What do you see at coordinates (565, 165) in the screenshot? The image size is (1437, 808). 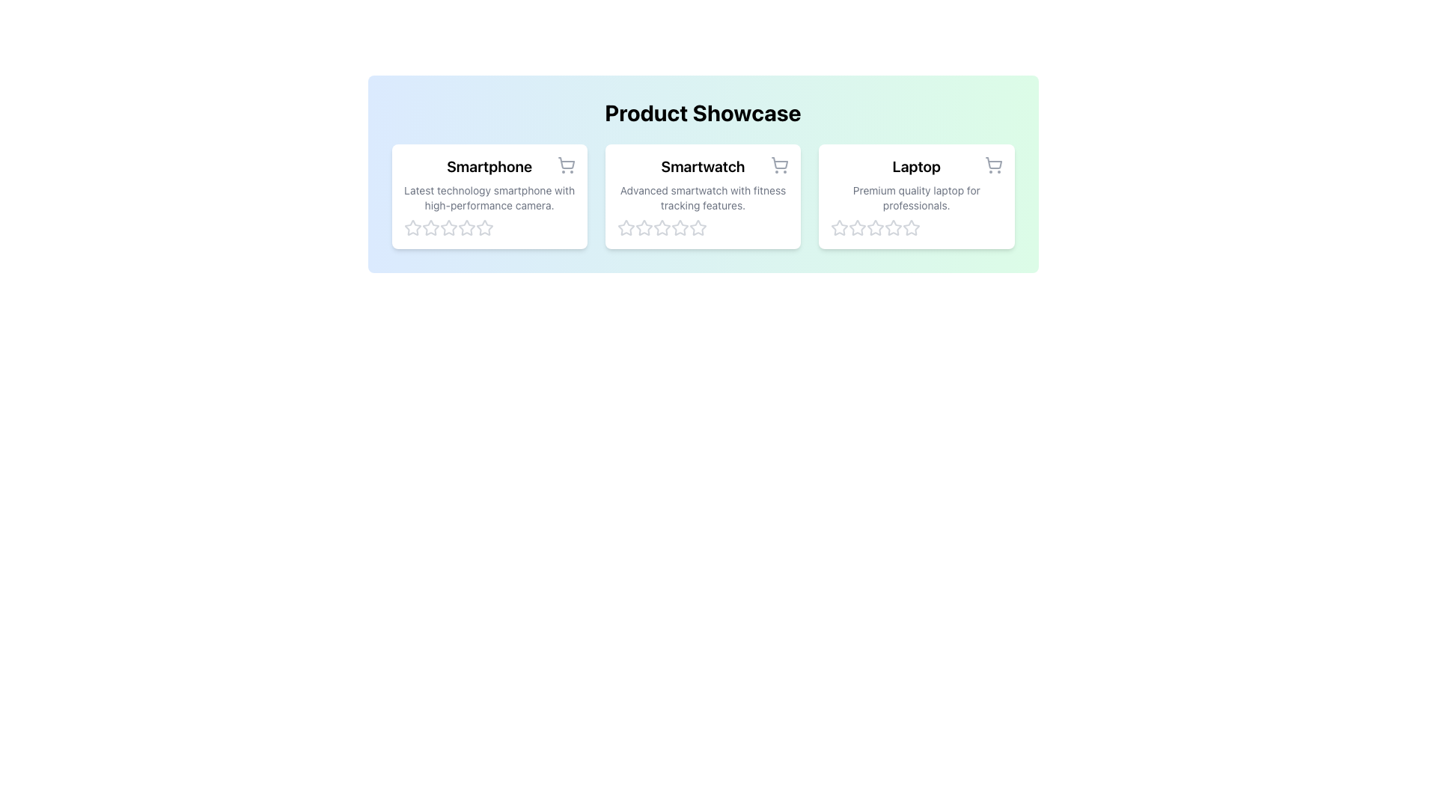 I see `the shopping cart icon located at the top-right corner of the smartphone product card` at bounding box center [565, 165].